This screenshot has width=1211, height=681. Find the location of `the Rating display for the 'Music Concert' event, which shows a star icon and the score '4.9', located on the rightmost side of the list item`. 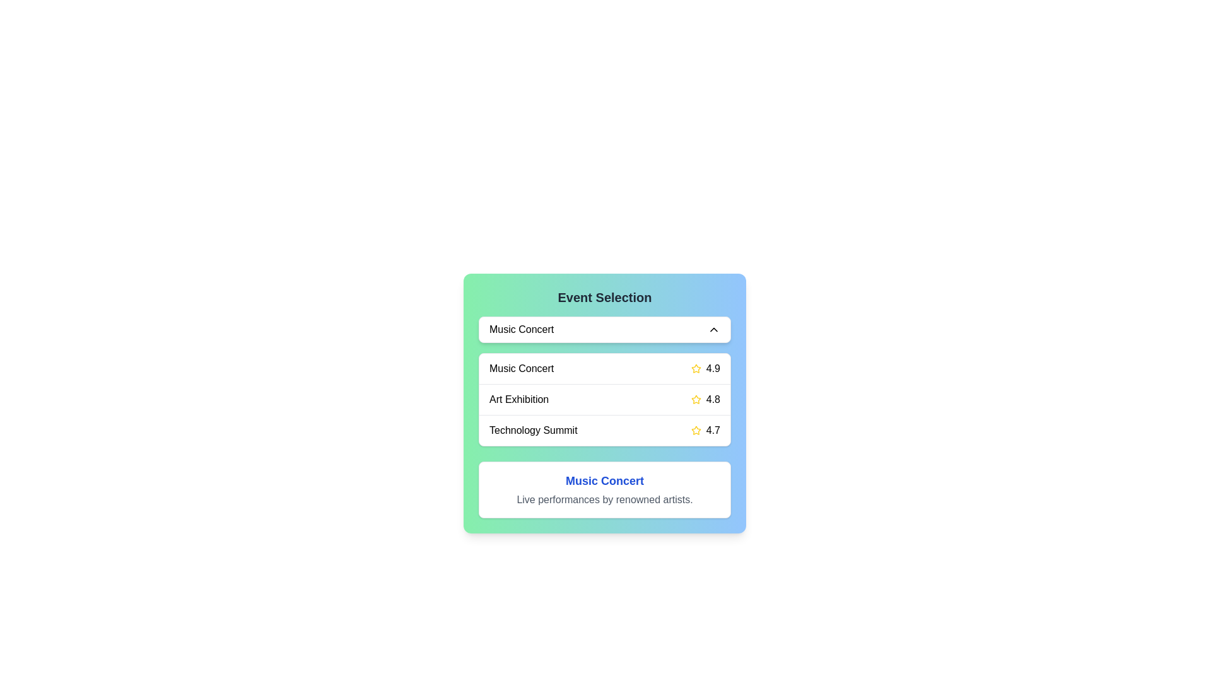

the Rating display for the 'Music Concert' event, which shows a star icon and the score '4.9', located on the rightmost side of the list item is located at coordinates (705, 369).